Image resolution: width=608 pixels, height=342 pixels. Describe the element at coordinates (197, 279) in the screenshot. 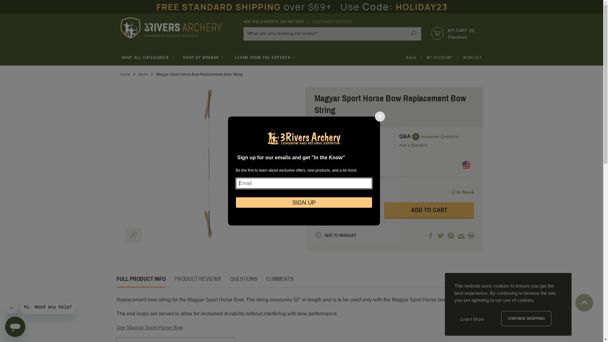

I see `'PRODUCT REVIEWS'` at that location.